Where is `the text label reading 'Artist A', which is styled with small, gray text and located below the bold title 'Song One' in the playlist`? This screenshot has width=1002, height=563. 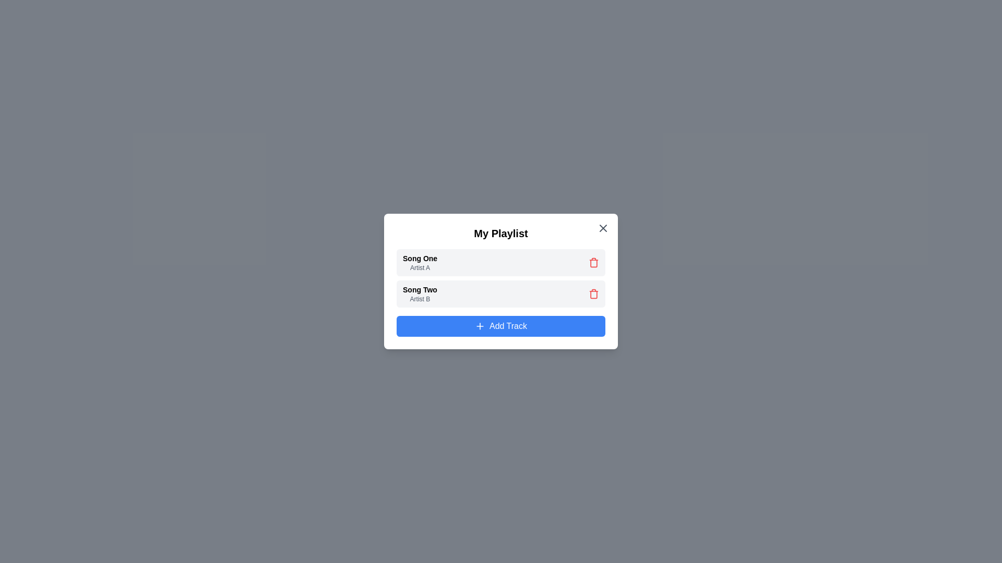
the text label reading 'Artist A', which is styled with small, gray text and located below the bold title 'Song One' in the playlist is located at coordinates (420, 267).